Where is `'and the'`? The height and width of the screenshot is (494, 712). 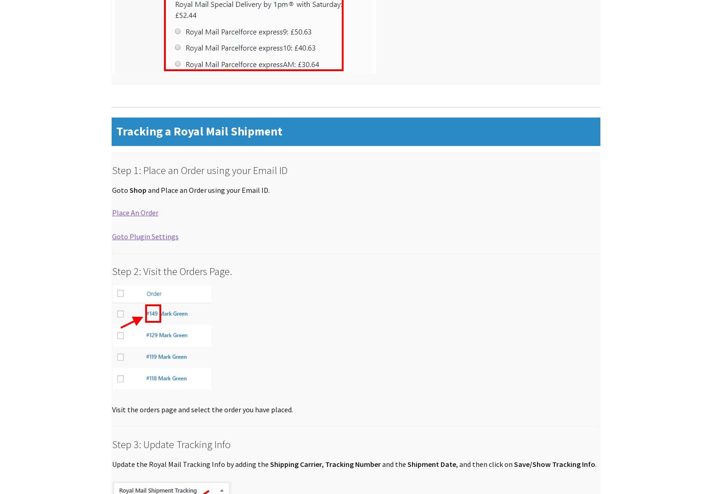 'and the' is located at coordinates (394, 464).